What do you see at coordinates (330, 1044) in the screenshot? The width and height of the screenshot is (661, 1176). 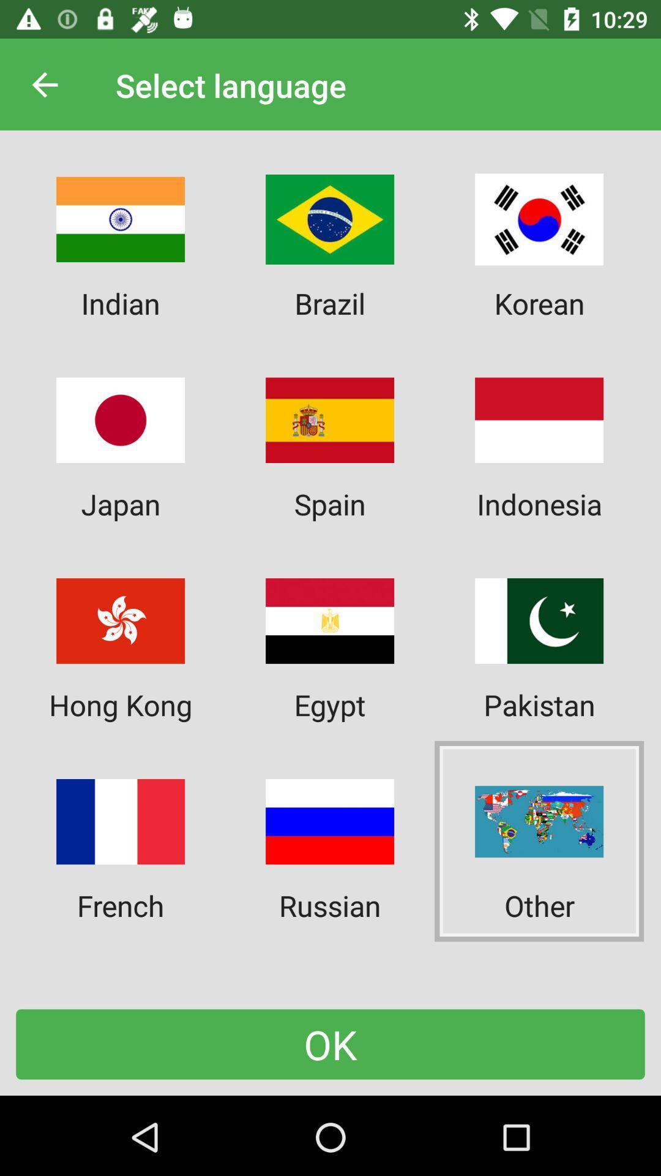 I see `item below french` at bounding box center [330, 1044].